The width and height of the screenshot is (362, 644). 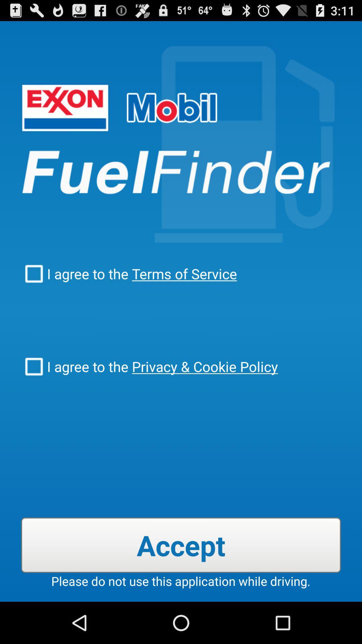 I want to click on accept item, so click(x=181, y=545).